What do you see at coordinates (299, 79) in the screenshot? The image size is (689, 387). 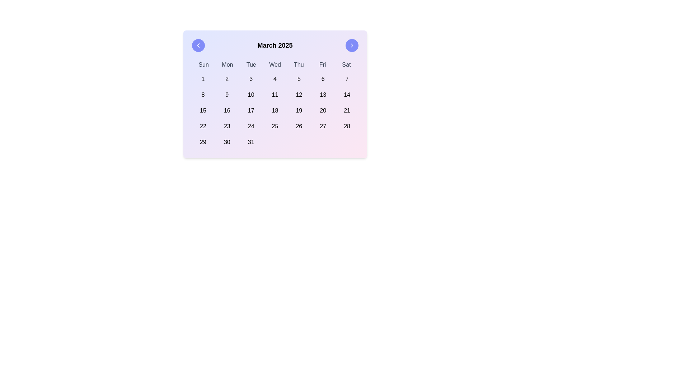 I see `the button in the first row and fifth column of the numeric grid` at bounding box center [299, 79].